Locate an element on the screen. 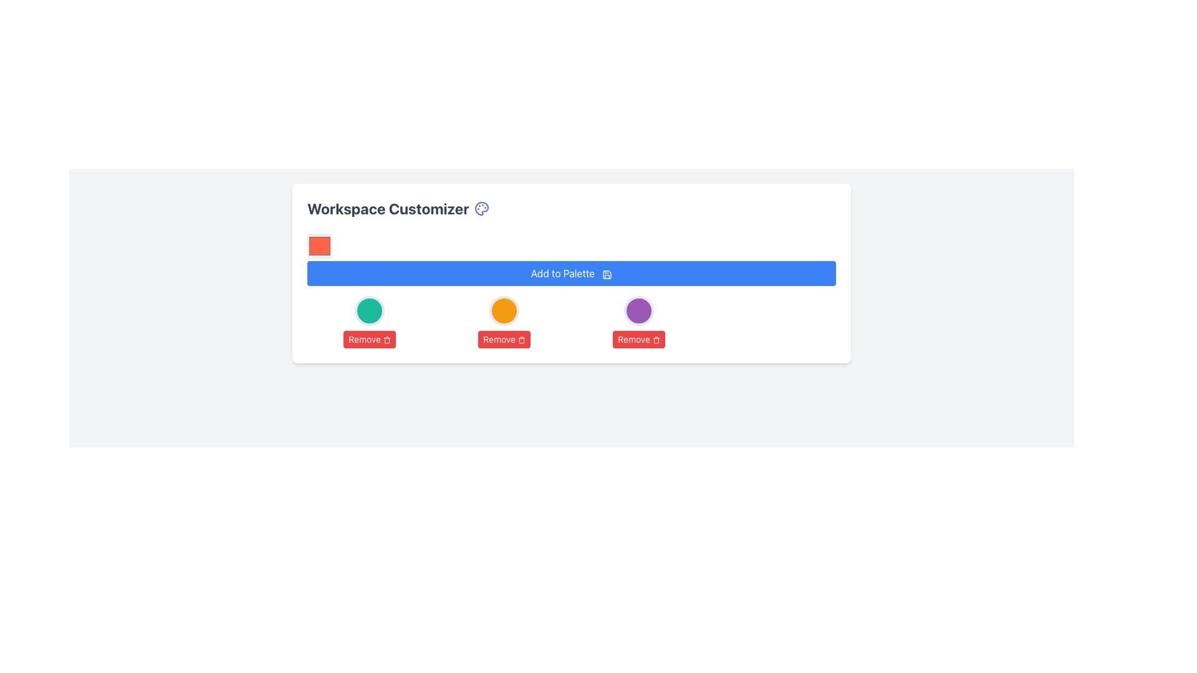 Image resolution: width=1197 pixels, height=673 pixels. the 'Remove' button, which is the second button in a horizontal group of three is located at coordinates (504, 321).